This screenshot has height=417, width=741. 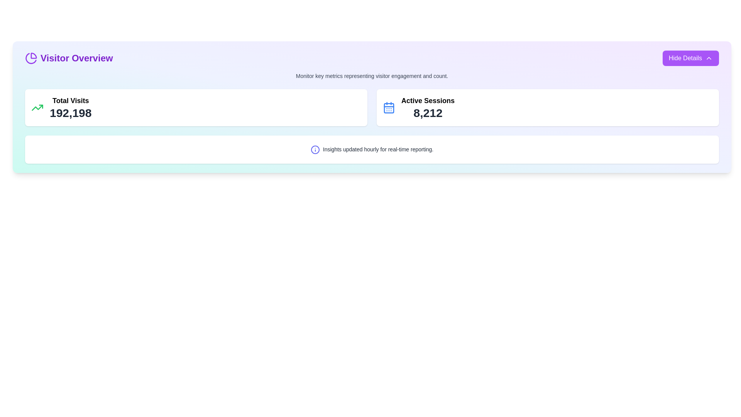 I want to click on the smaller segment of the pie chart icon located on the left side of the 'Visitor Overview' heading, which serves as a decorative part of an SVG graphic for data visualization, so click(x=33, y=55).